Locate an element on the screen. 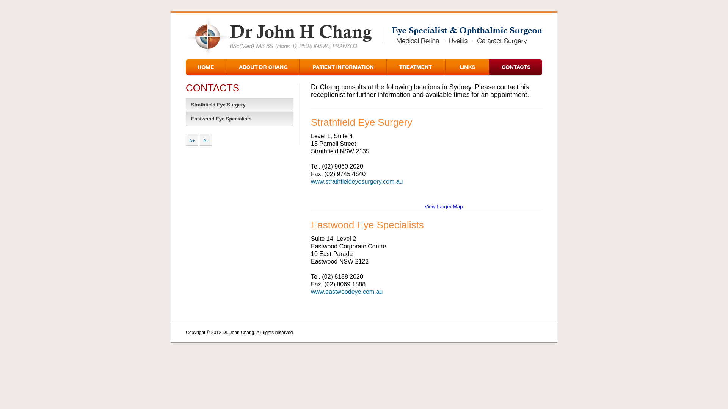  'Links' is located at coordinates (467, 67).